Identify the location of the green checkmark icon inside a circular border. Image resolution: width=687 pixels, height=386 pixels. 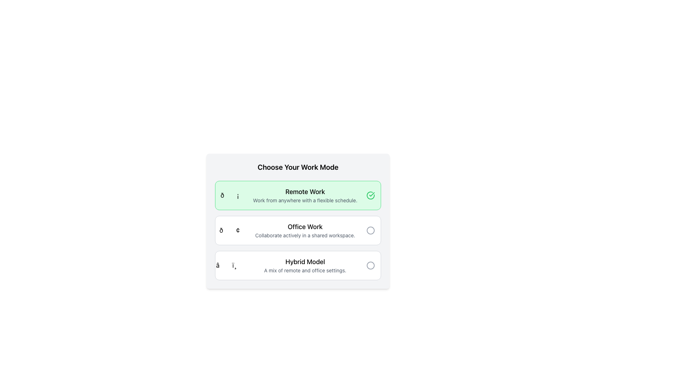
(371, 196).